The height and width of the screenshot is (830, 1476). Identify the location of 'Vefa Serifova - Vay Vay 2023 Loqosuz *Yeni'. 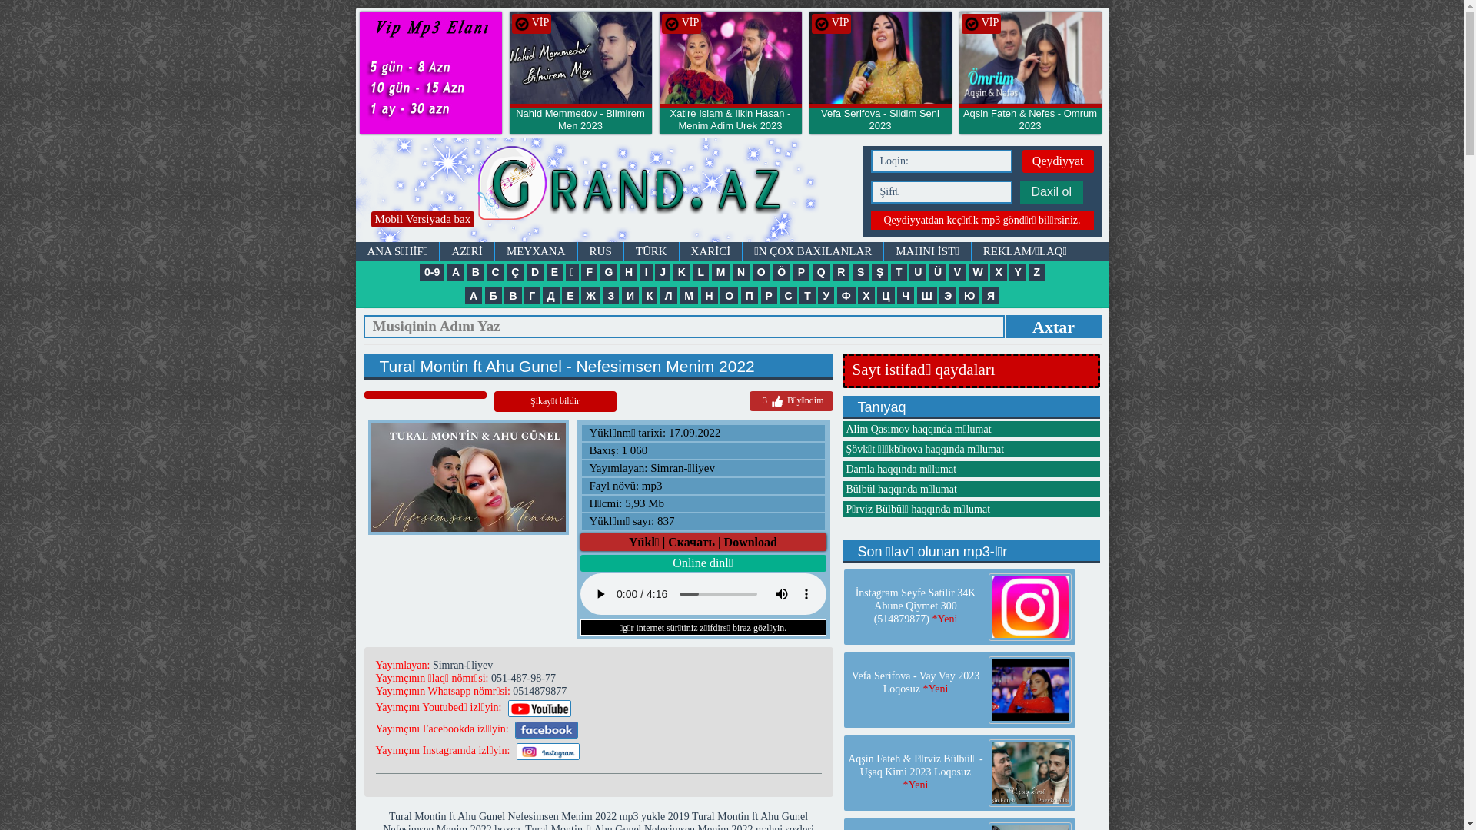
(915, 681).